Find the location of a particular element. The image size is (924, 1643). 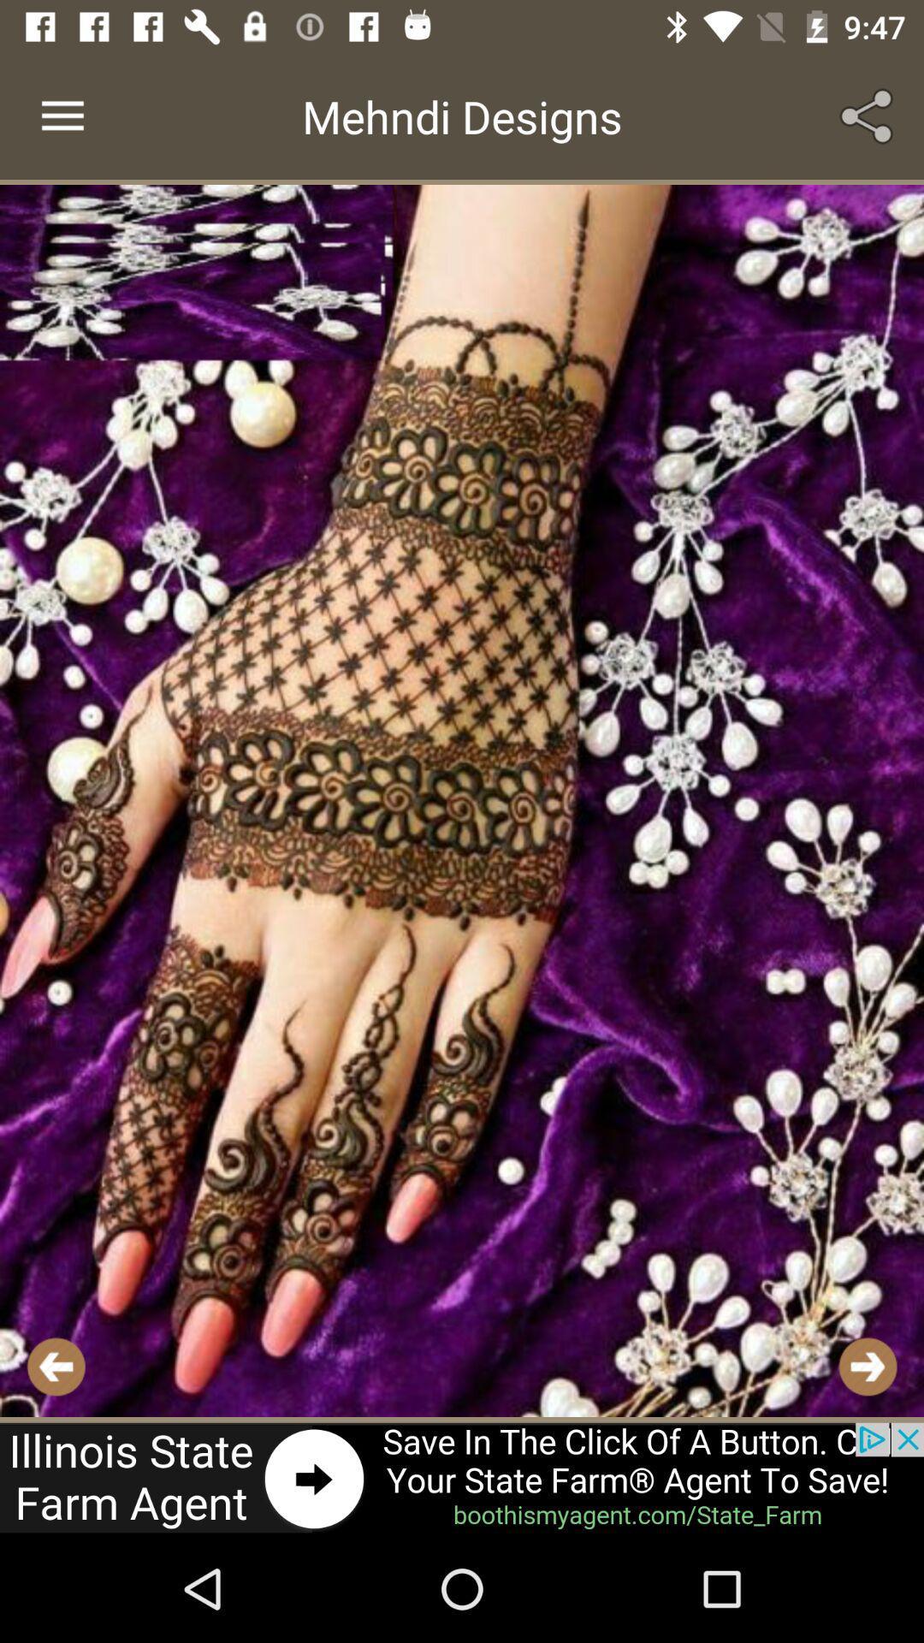

website is located at coordinates (462, 1478).